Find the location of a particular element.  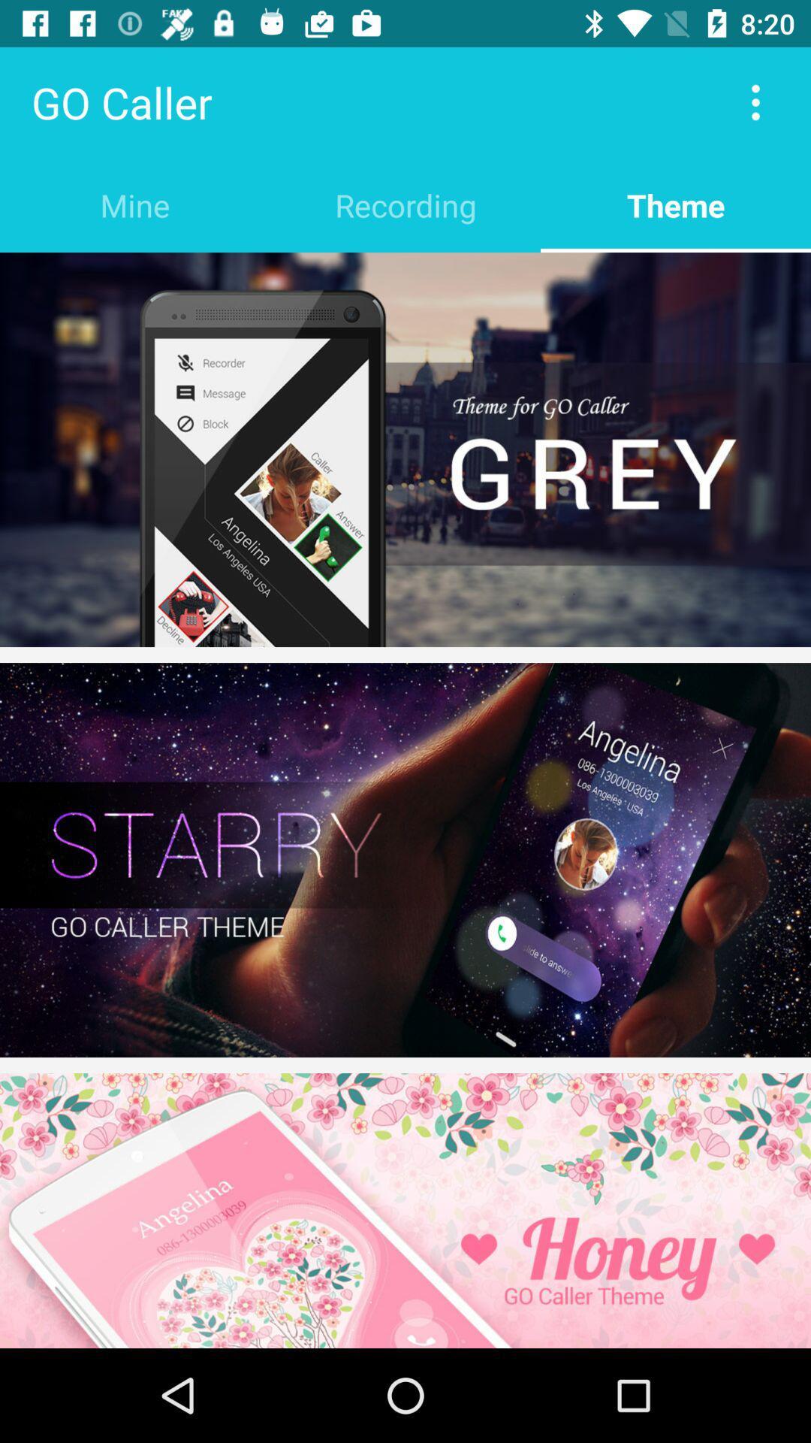

more options is located at coordinates (755, 101).